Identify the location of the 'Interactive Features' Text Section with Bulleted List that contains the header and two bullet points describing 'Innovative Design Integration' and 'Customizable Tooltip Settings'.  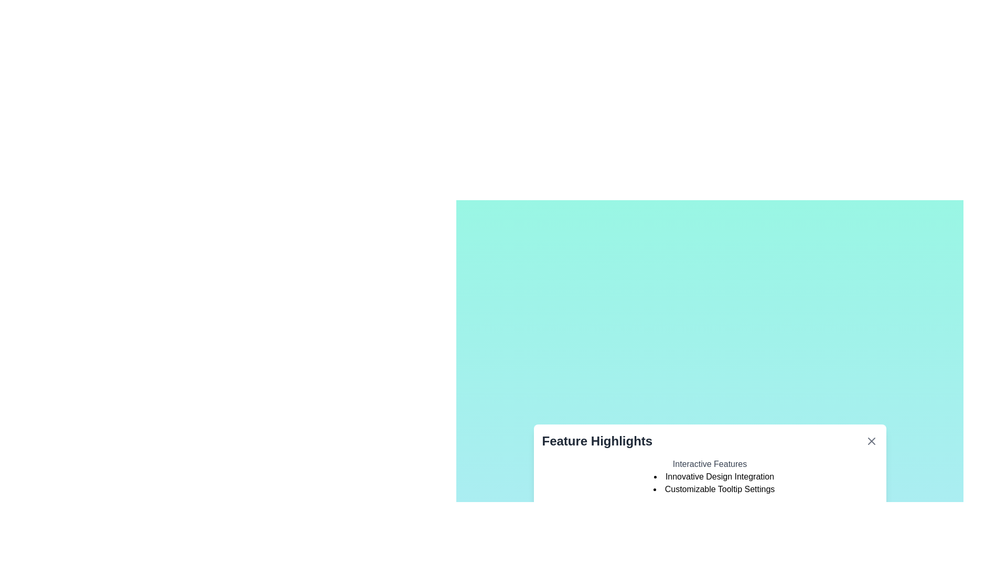
(710, 477).